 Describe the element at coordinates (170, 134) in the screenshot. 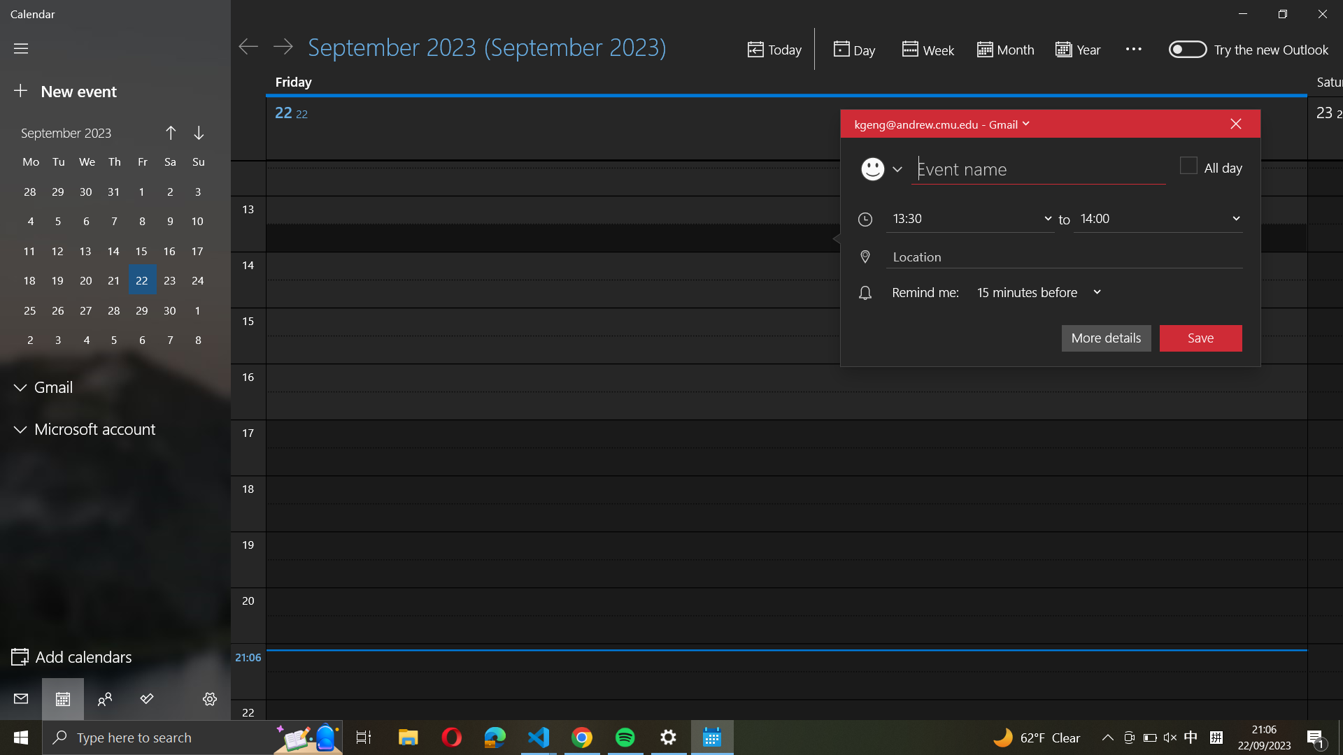

I see `Transition to the previous month in the calendar application` at that location.